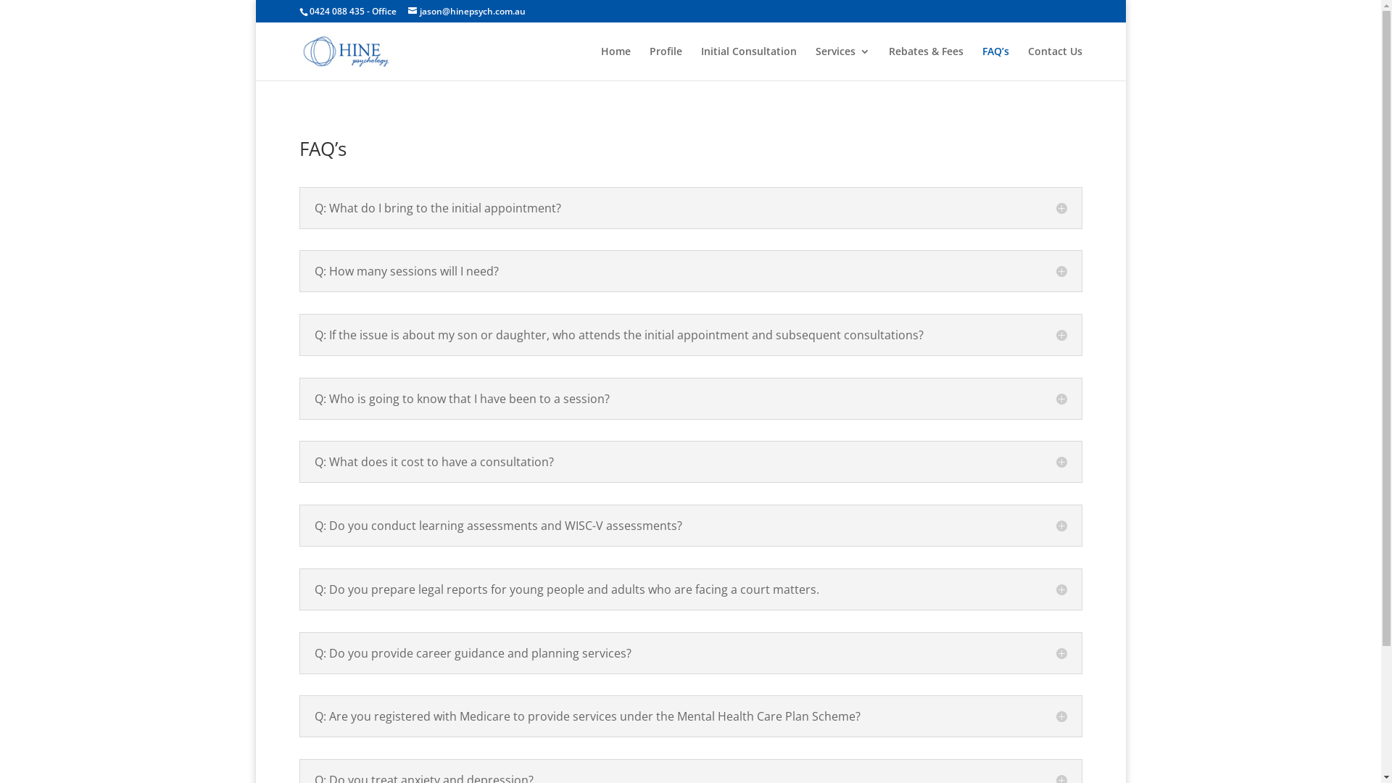 The width and height of the screenshot is (1392, 783). I want to click on 'jason@hinepsych.com.au', so click(406, 11).